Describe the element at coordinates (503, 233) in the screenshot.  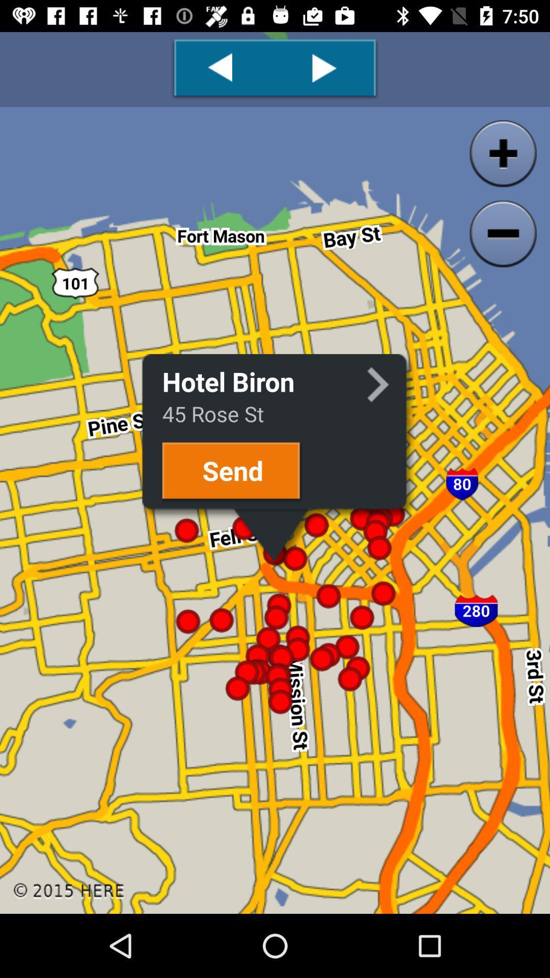
I see `the zoom_out icon` at that location.